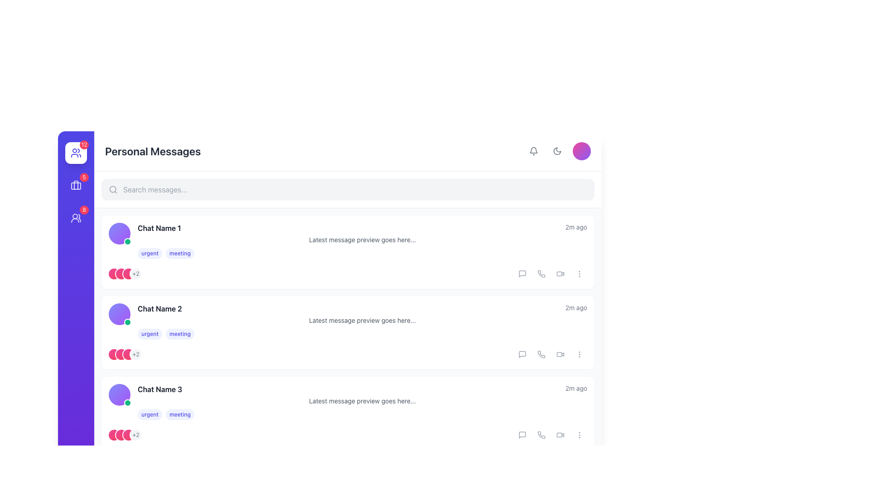 The image size is (870, 489). What do you see at coordinates (180, 253) in the screenshot?
I see `the label representing the category or state associated with the chat thread, located to the right of the 'urgent' label in the first chat preview row below 'Chat Name 1'` at bounding box center [180, 253].